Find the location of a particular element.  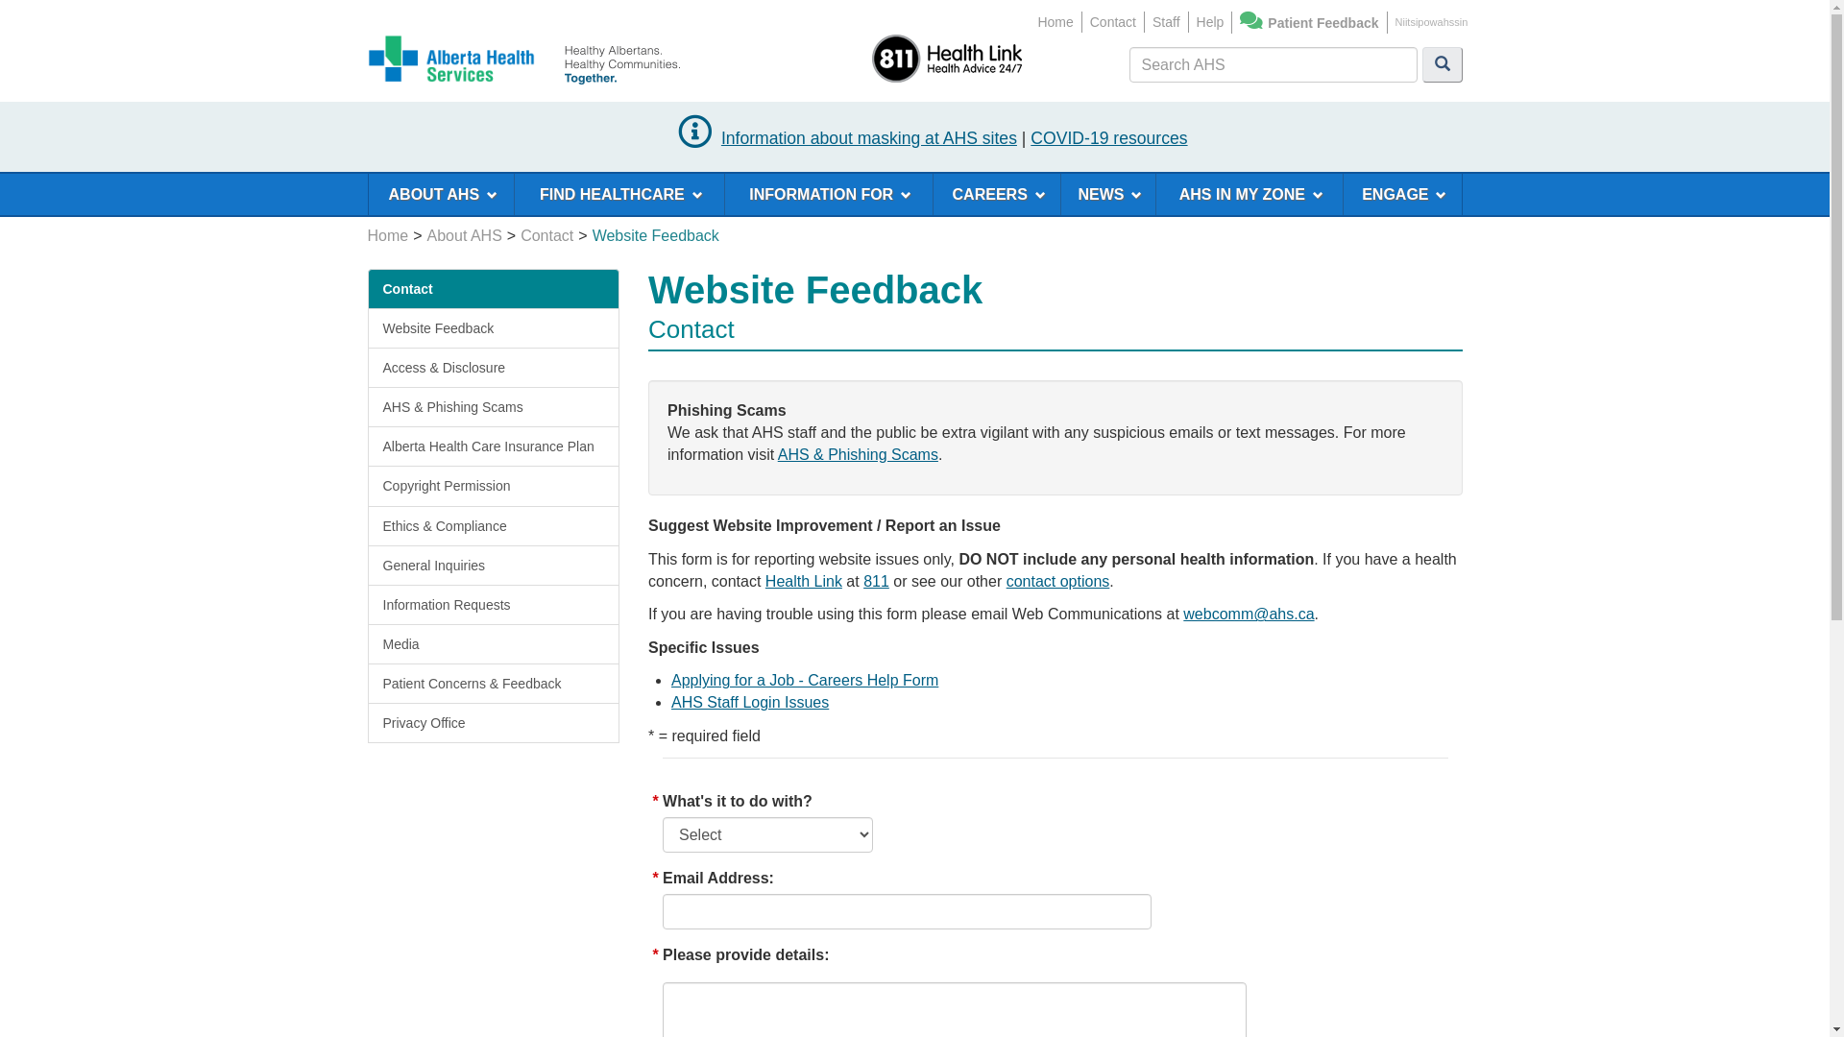

'Privacy Office' is located at coordinates (493, 722).